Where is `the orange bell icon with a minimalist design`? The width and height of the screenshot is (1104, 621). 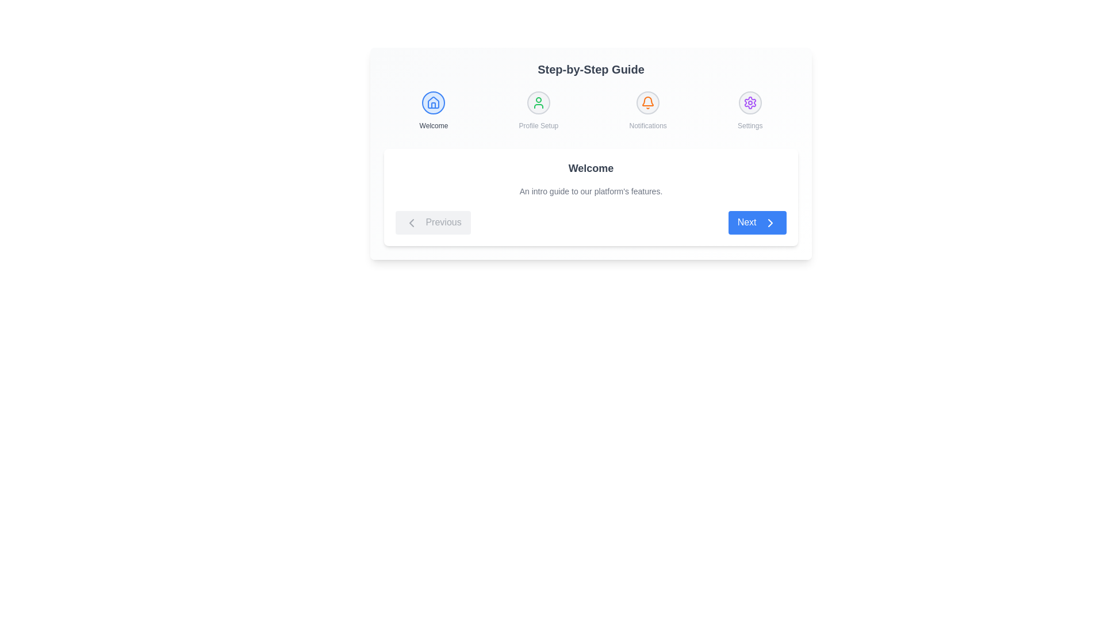
the orange bell icon with a minimalist design is located at coordinates (648, 102).